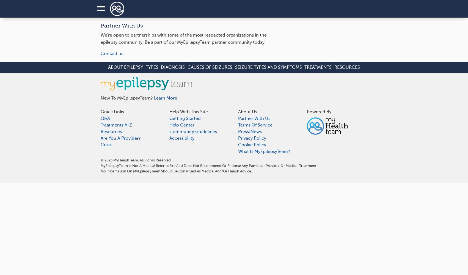 The width and height of the screenshot is (468, 275). What do you see at coordinates (142, 159) in the screenshot?
I see `'MyHealthTeam. All rights reserved.'` at bounding box center [142, 159].